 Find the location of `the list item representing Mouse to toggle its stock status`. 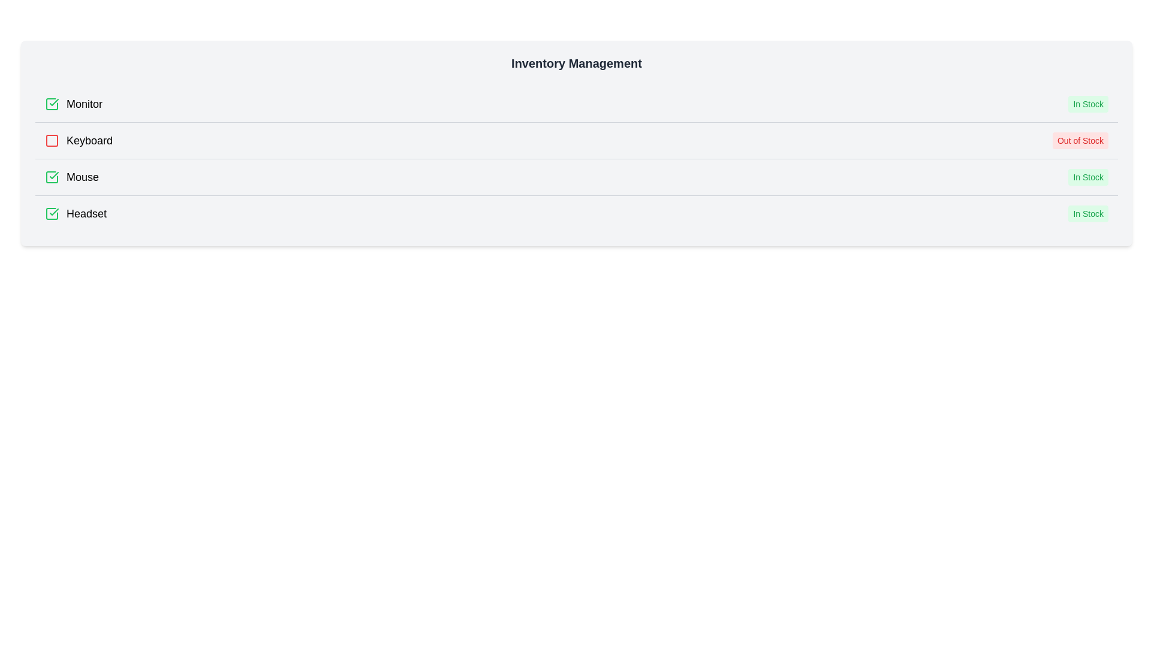

the list item representing Mouse to toggle its stock status is located at coordinates (576, 177).